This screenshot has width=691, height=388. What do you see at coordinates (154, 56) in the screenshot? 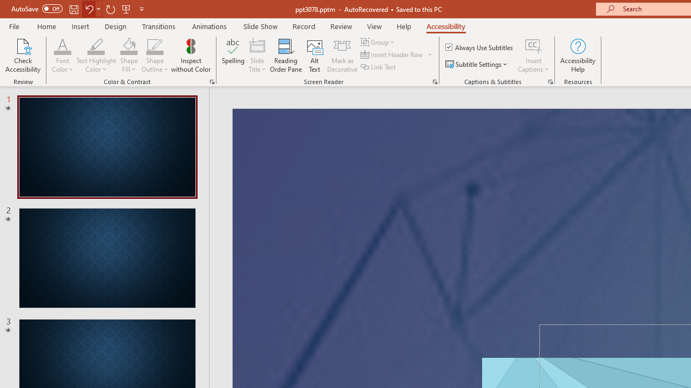
I see `'Shape Outline'` at bounding box center [154, 56].